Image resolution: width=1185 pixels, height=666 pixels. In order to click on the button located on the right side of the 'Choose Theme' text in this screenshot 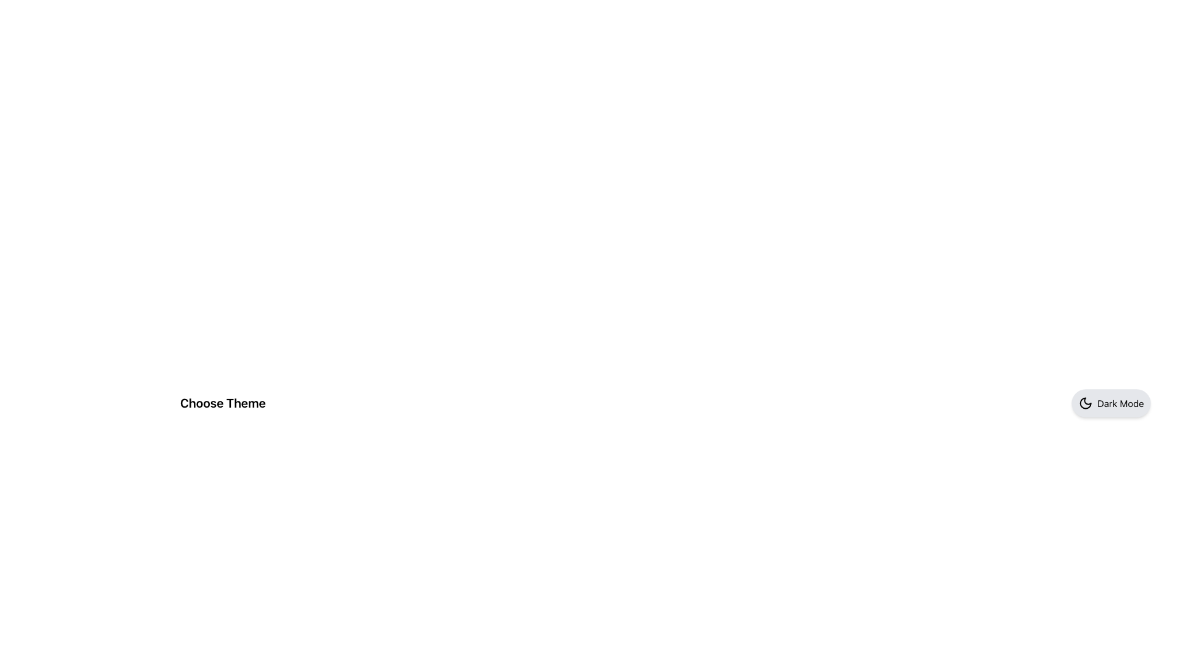, I will do `click(1111, 403)`.